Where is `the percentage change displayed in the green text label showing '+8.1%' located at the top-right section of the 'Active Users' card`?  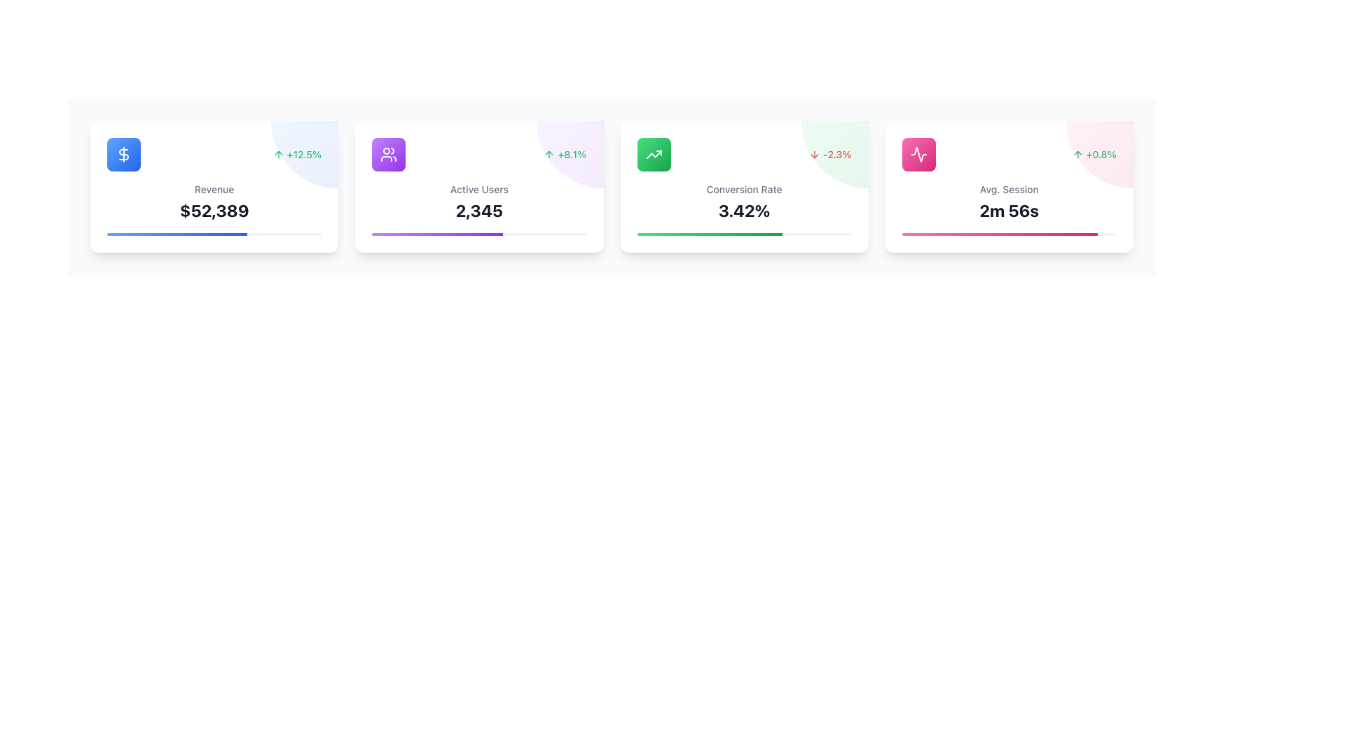 the percentage change displayed in the green text label showing '+8.1%' located at the top-right section of the 'Active Users' card is located at coordinates (479, 154).